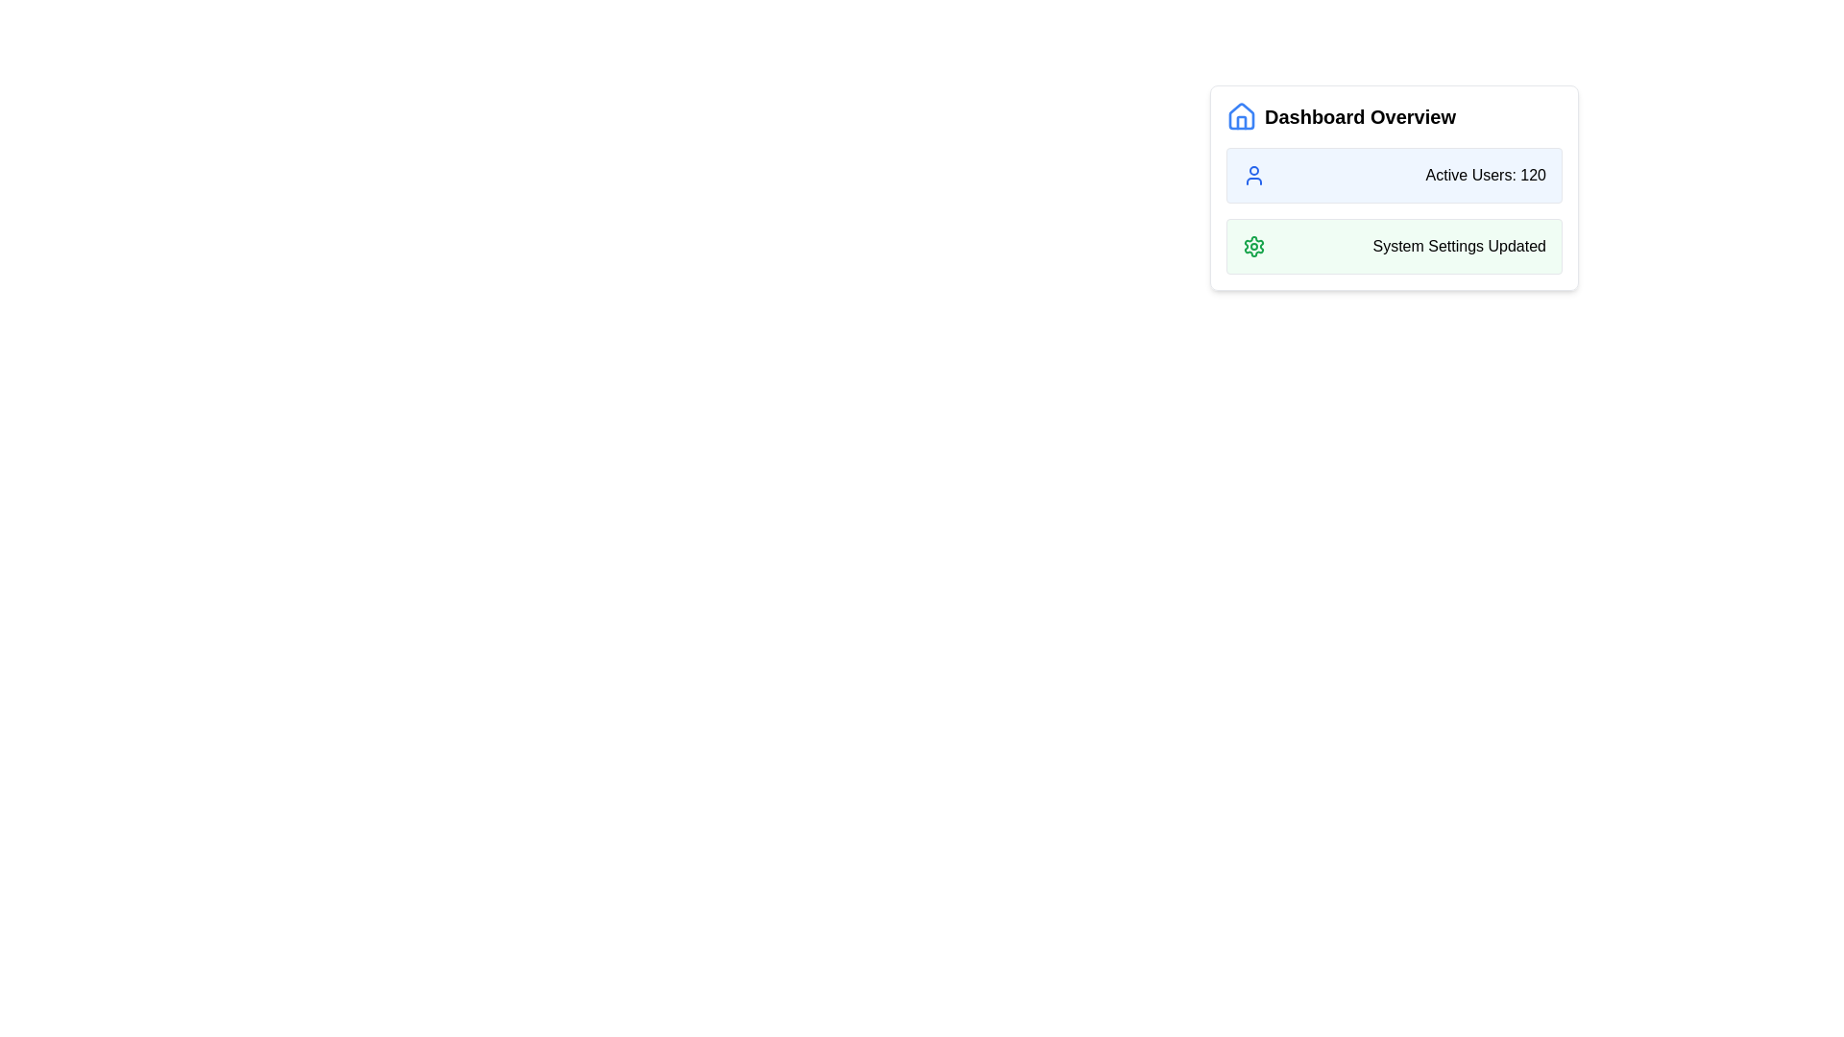  I want to click on the SVG graphical element representing system settings or configuration options located below the blue user icon in the 'Dashboard Overview' card, so click(1253, 246).